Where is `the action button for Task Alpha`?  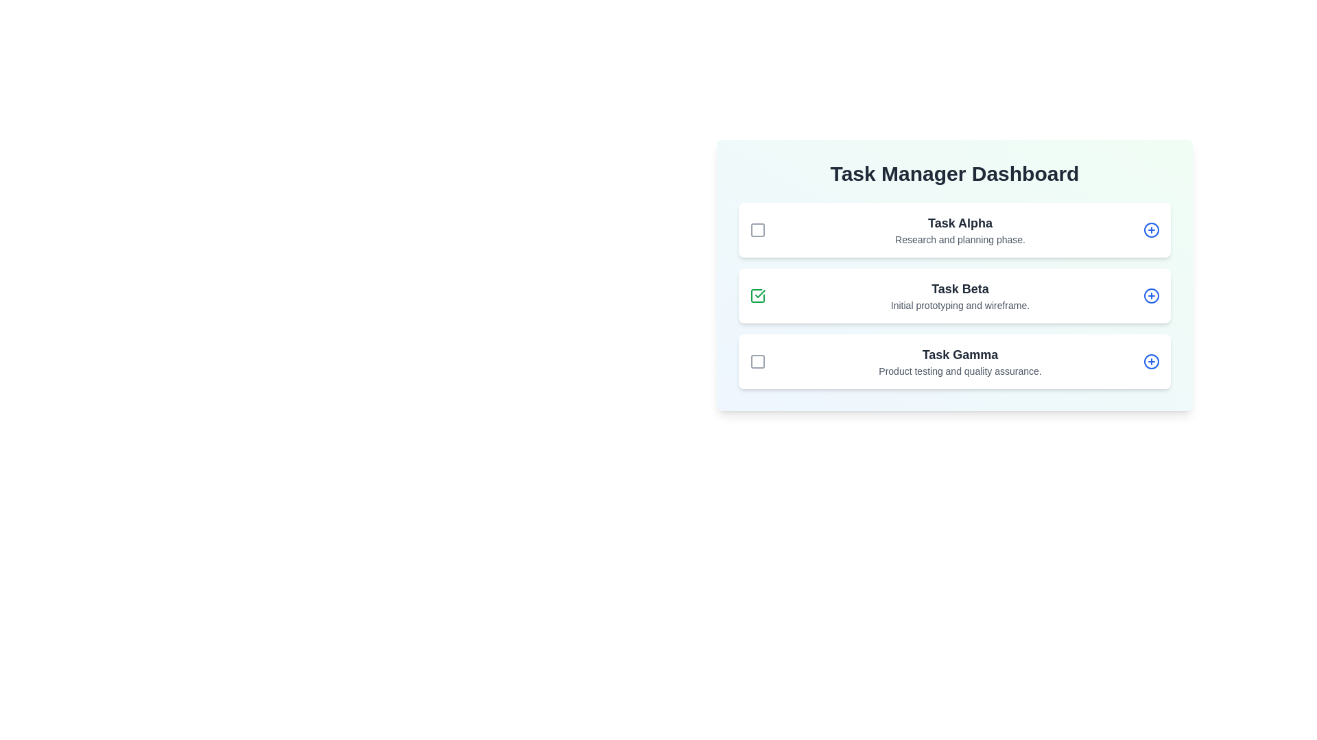
the action button for Task Alpha is located at coordinates (1152, 229).